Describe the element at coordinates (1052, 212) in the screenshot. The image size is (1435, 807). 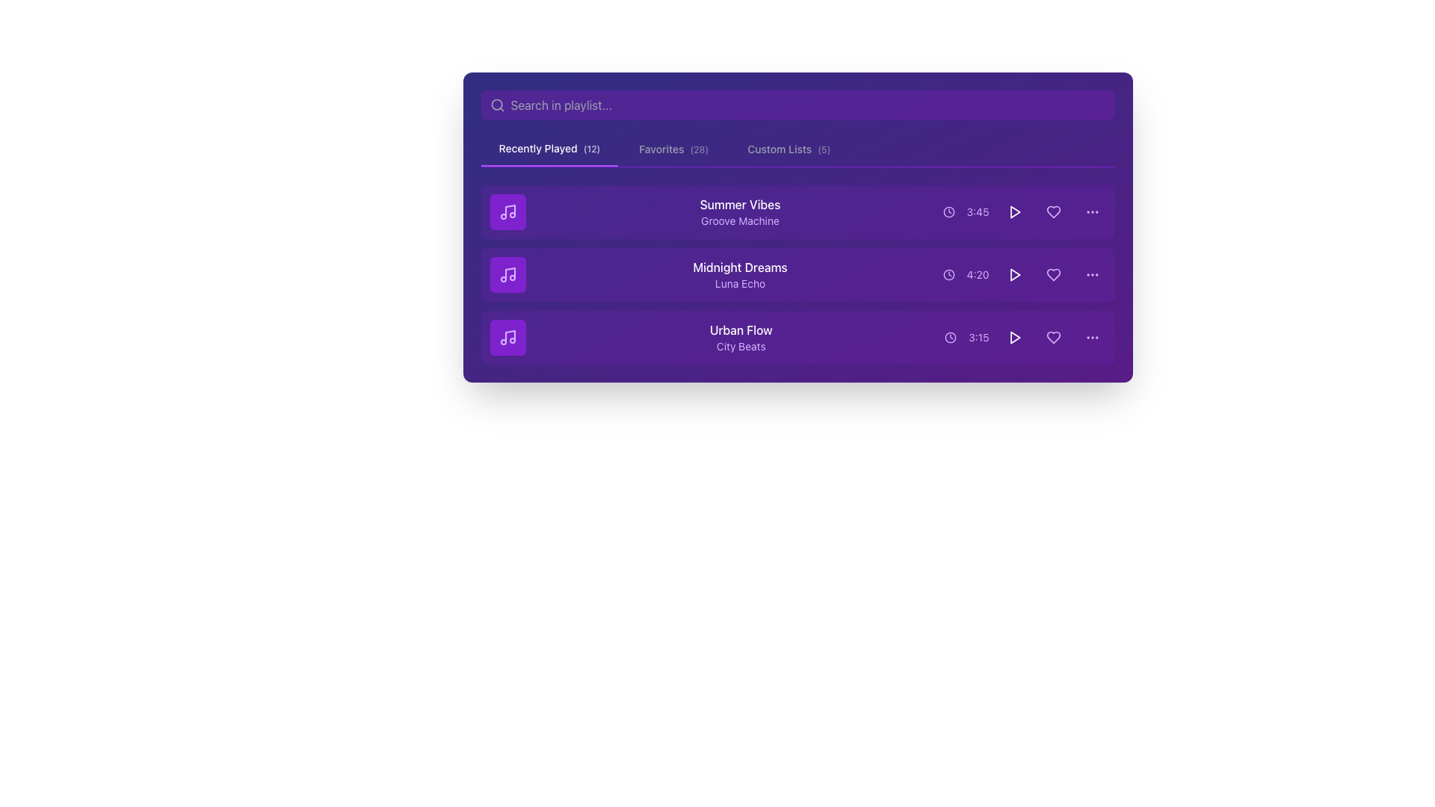
I see `the rightmost 'like' button with an SVG icon for the 'Summer Vibes' track to like or unlike the track` at that location.